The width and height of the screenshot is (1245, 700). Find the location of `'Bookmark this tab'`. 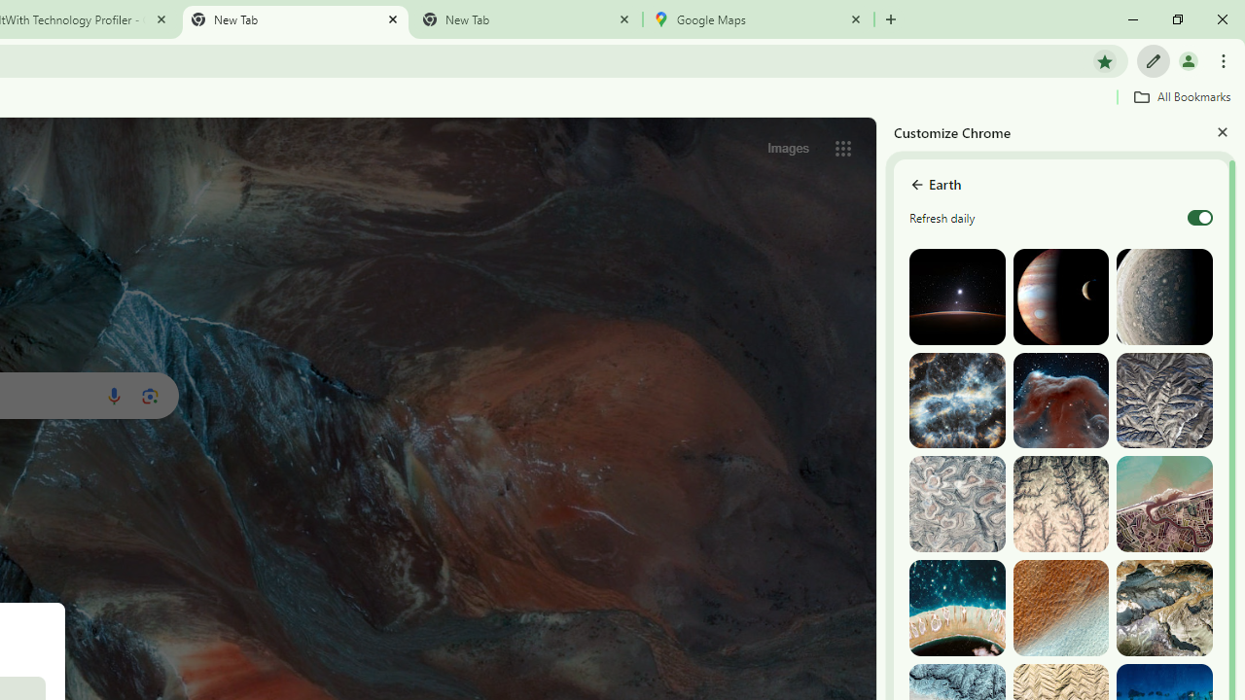

'Bookmark this tab' is located at coordinates (1105, 59).